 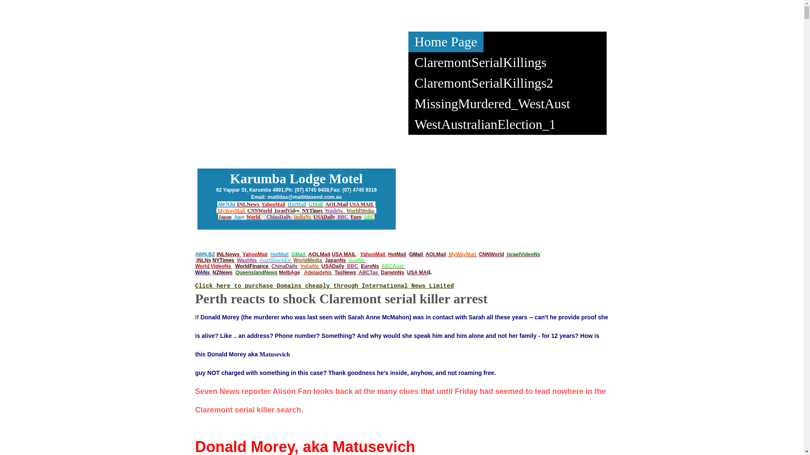 What do you see at coordinates (224, 217) in the screenshot?
I see `'Japan'` at bounding box center [224, 217].